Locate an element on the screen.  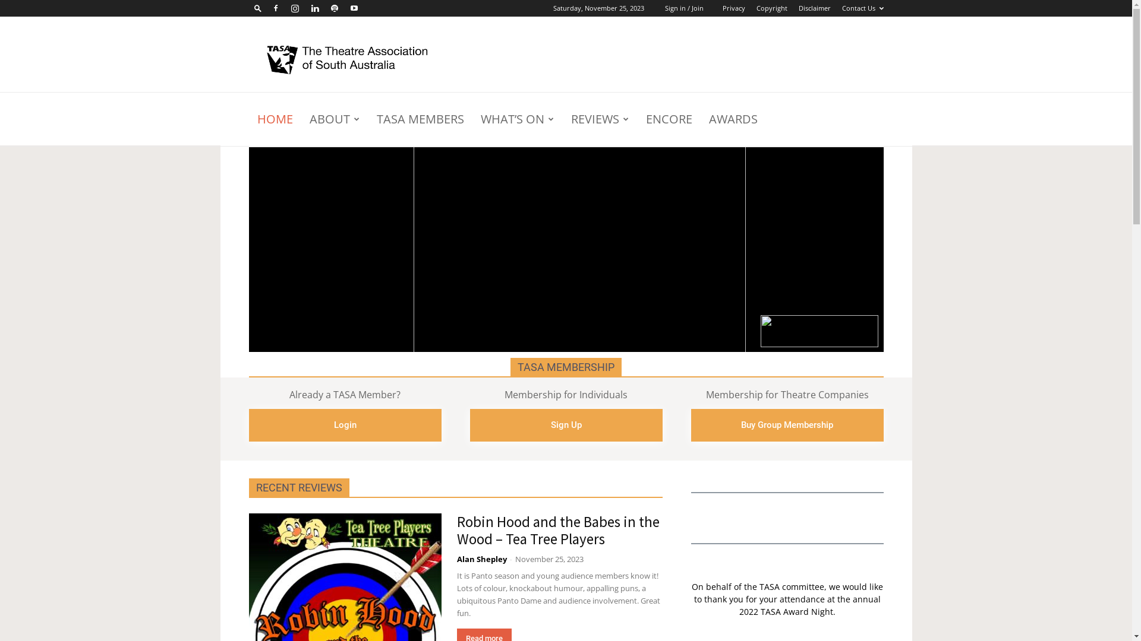
'Sign Up' is located at coordinates (469, 424).